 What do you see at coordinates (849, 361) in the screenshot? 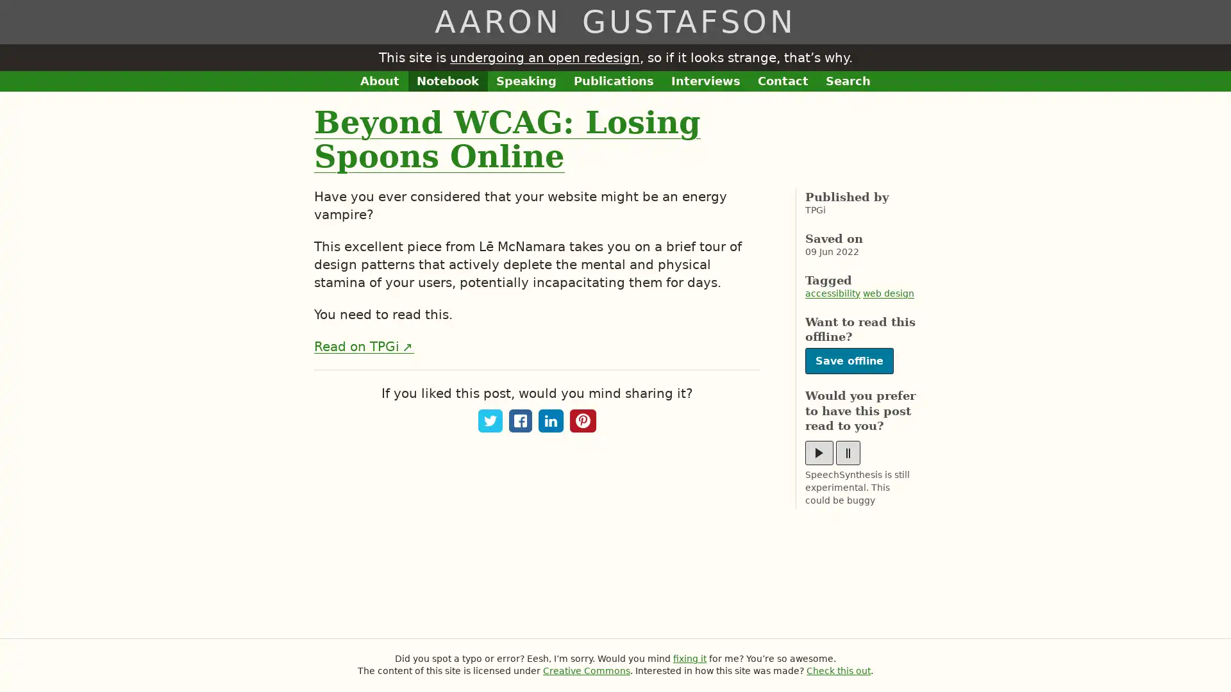
I see `Save offline` at bounding box center [849, 361].